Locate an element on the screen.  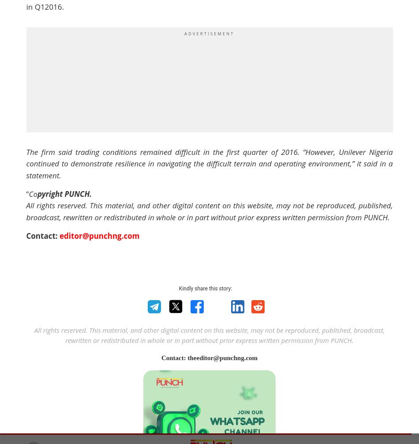
'Spice' is located at coordinates (284, 226).